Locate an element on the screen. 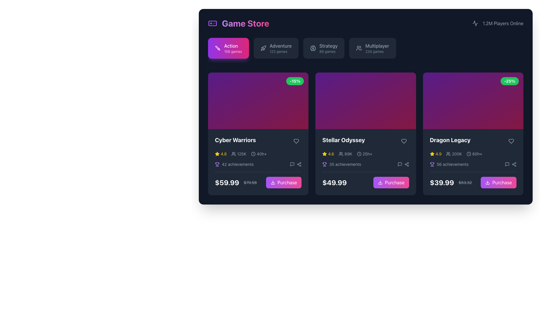 The width and height of the screenshot is (554, 312). the rounded rectangular button with a gradient background from purple to pink, containing a downward-pointing arrow icon and the text 'Purchase' to initiate the purchase is located at coordinates (391, 182).